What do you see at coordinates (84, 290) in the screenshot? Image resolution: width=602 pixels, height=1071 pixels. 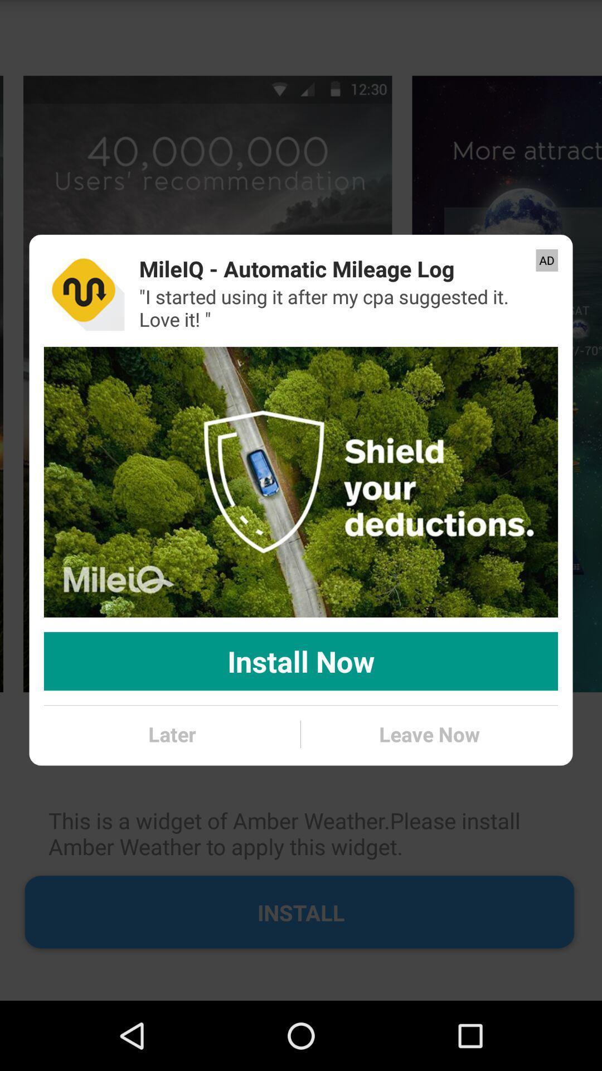 I see `item at the top left corner` at bounding box center [84, 290].